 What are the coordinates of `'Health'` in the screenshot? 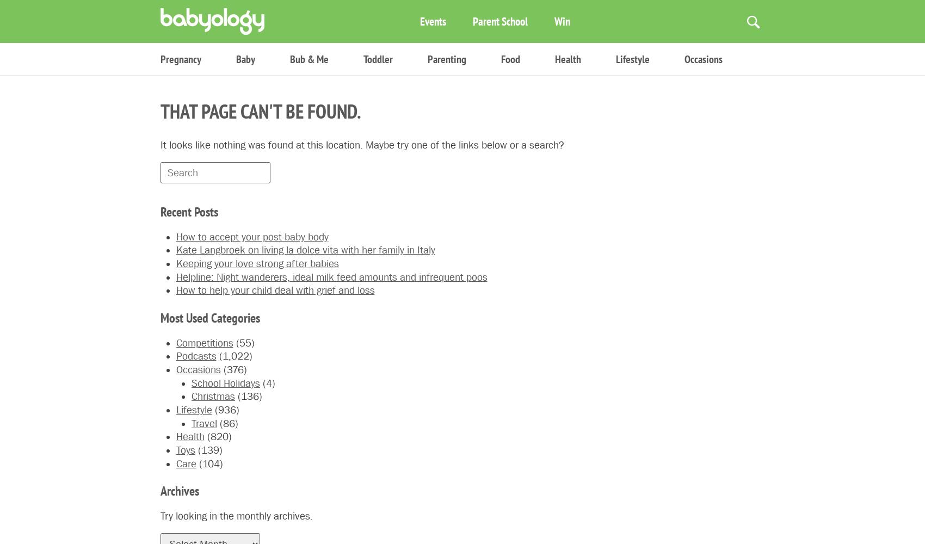 It's located at (554, 59).